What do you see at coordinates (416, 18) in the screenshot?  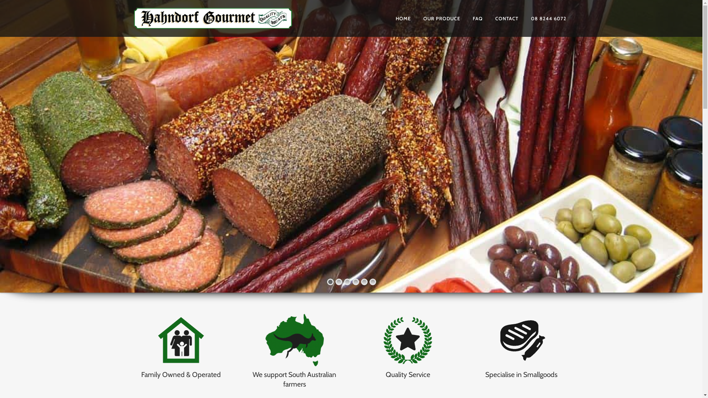 I see `'OUR PRODUCE'` at bounding box center [416, 18].